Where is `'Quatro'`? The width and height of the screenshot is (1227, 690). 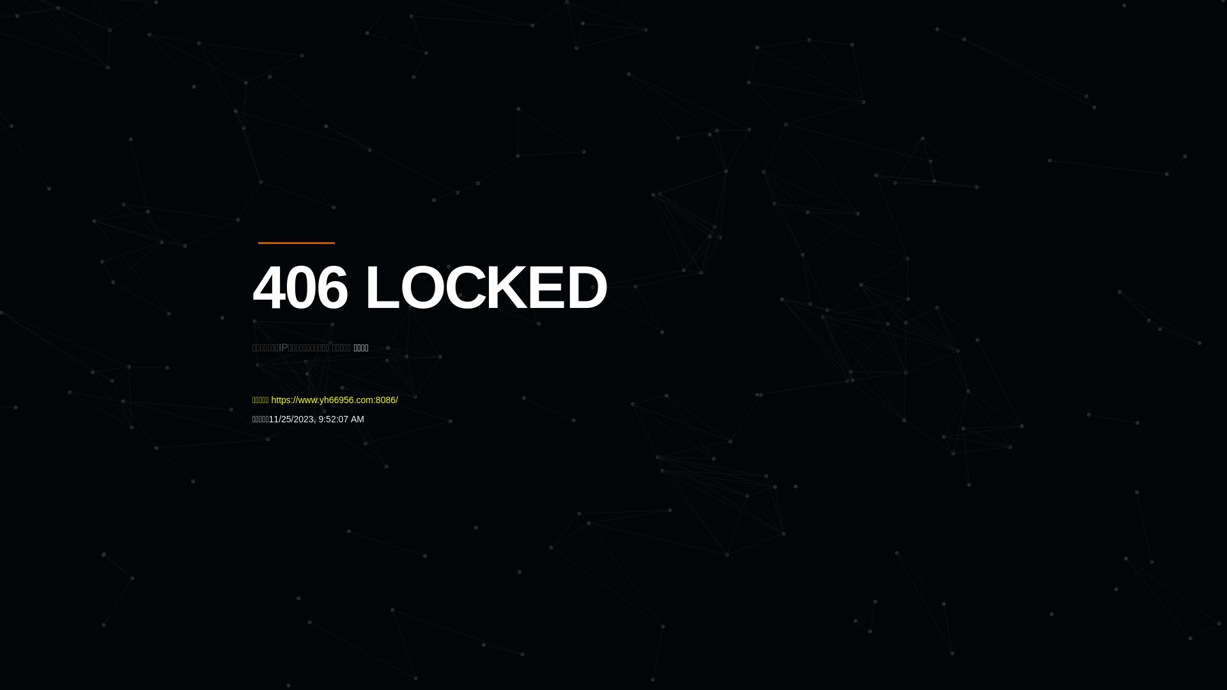
'Quatro' is located at coordinates (346, 73).